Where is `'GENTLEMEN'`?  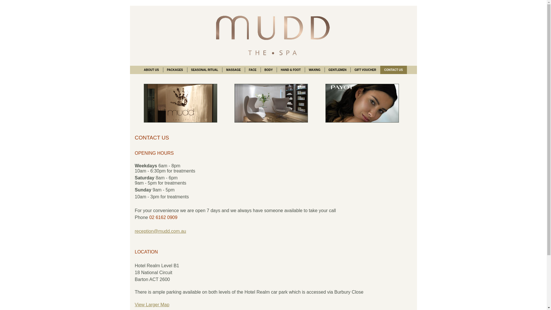
'GENTLEMEN' is located at coordinates (337, 69).